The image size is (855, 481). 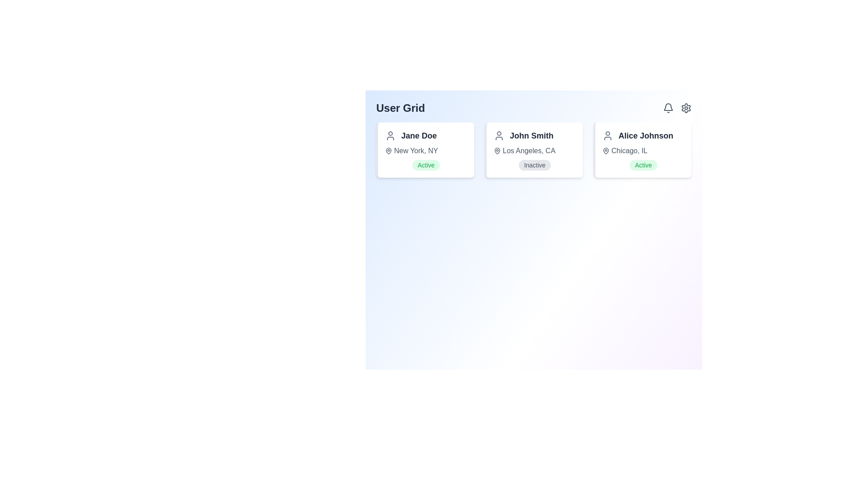 What do you see at coordinates (425, 149) in the screenshot?
I see `the user profile summary card located in the top-left section of the grid` at bounding box center [425, 149].